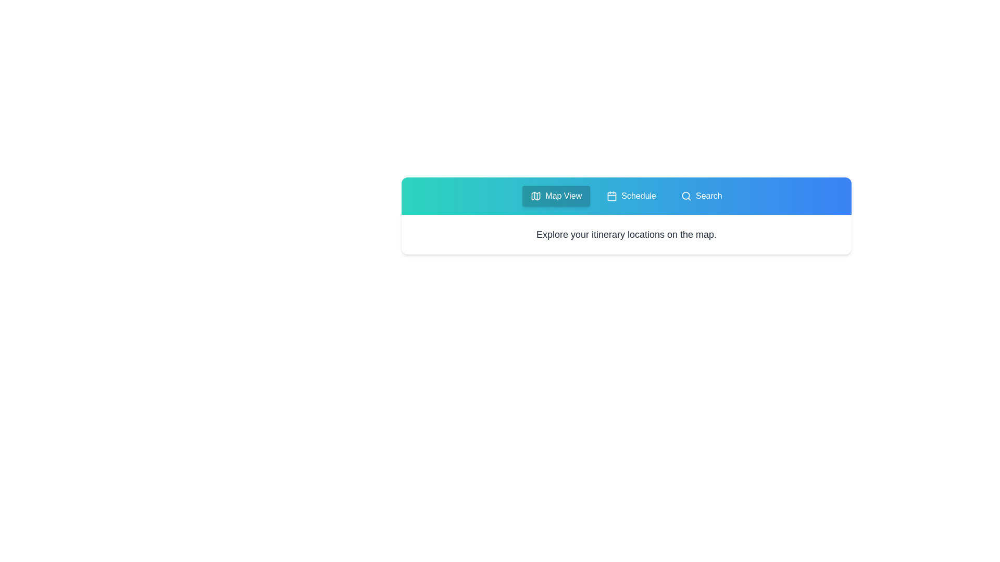  What do you see at coordinates (536, 196) in the screenshot?
I see `the 'Map View' icon, which is a compact SVG graphic styled with minimal strokes, located in the upper left section of the toolbar` at bounding box center [536, 196].